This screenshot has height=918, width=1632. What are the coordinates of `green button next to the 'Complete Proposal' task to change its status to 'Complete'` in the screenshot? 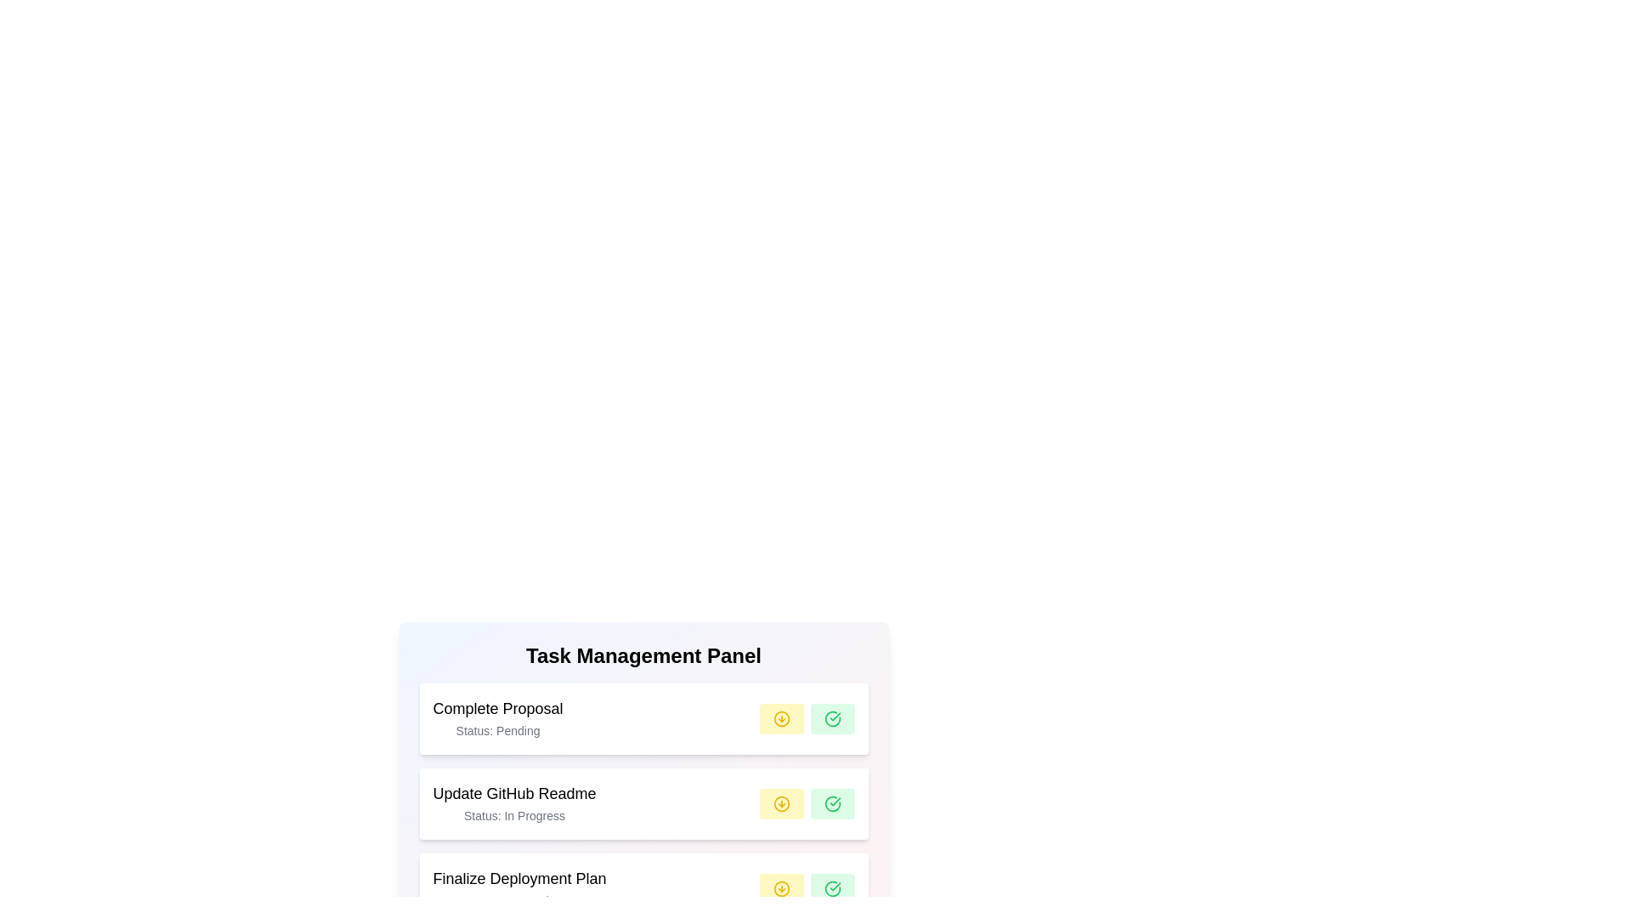 It's located at (832, 718).